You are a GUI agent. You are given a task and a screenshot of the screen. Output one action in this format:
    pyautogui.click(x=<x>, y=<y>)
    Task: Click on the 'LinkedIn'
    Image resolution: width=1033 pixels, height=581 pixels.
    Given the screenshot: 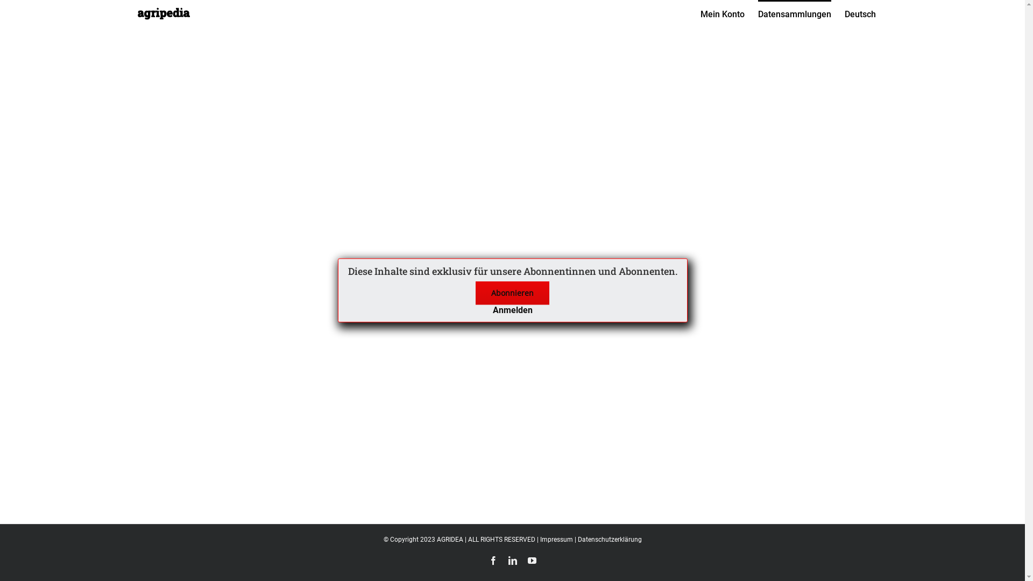 What is the action you would take?
    pyautogui.click(x=511, y=559)
    